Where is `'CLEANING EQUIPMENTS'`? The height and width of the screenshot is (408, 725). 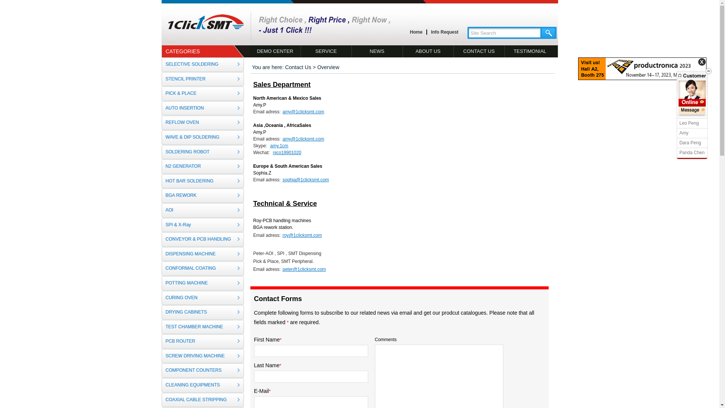 'CLEANING EQUIPMENTS' is located at coordinates (203, 385).